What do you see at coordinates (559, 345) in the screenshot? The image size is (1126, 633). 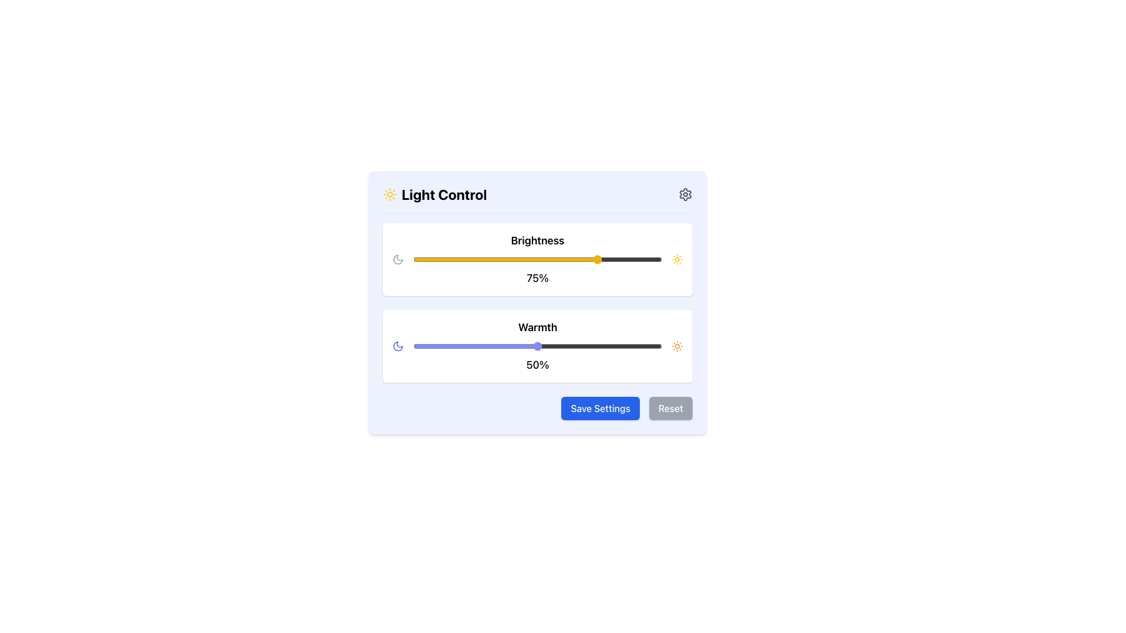 I see `warmth` at bounding box center [559, 345].